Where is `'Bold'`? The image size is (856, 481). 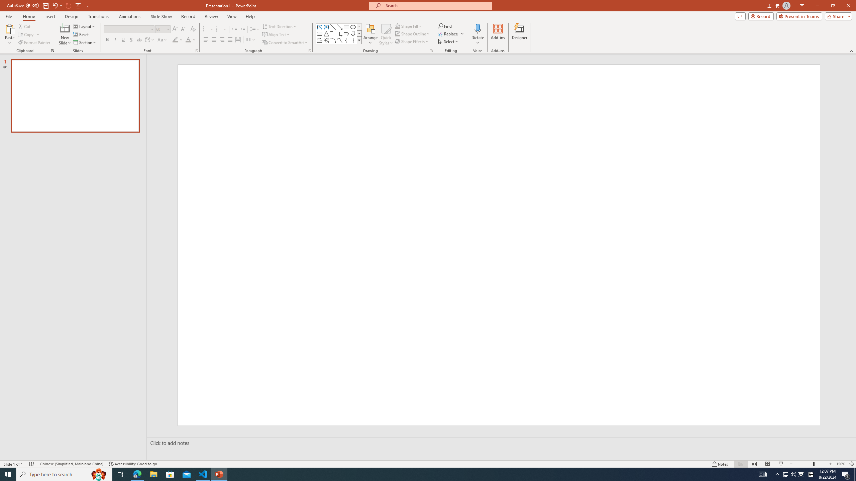
'Bold' is located at coordinates (107, 39).